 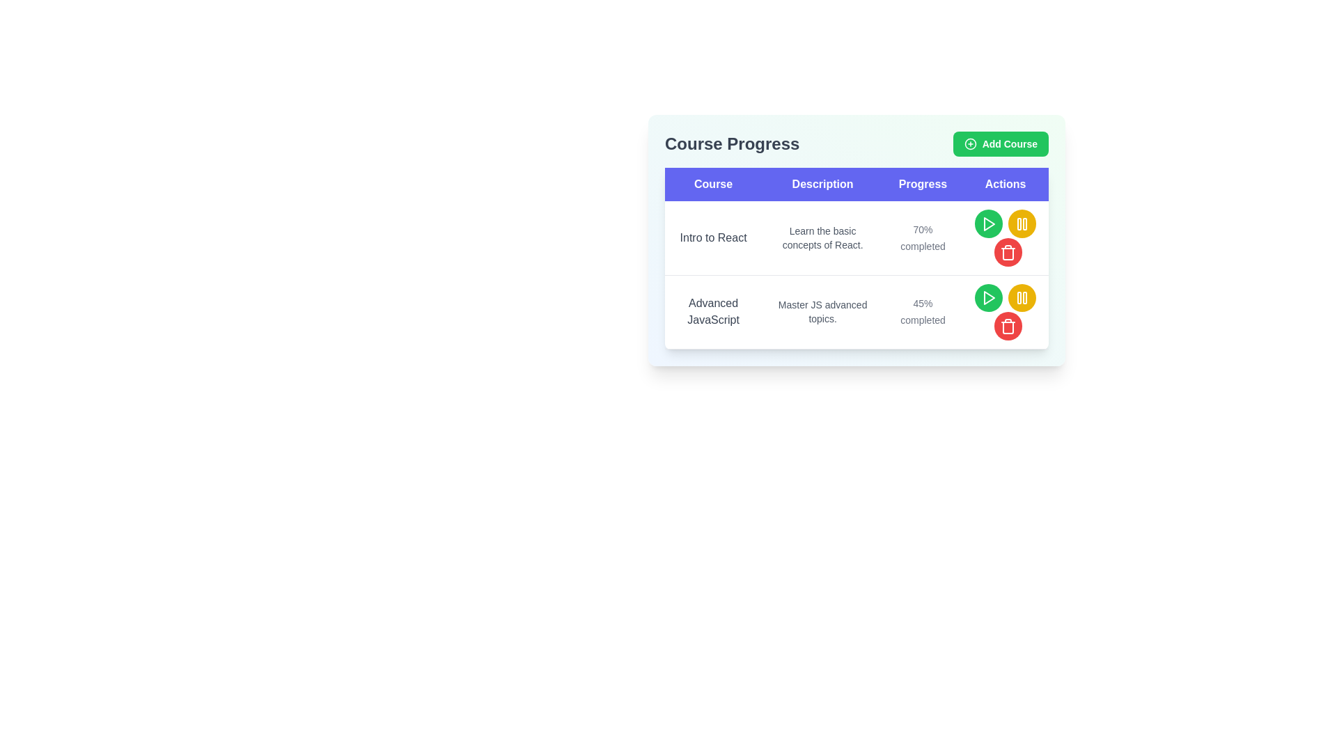 I want to click on a course in the tabular layout within the 'Course Progress' section, so click(x=856, y=240).